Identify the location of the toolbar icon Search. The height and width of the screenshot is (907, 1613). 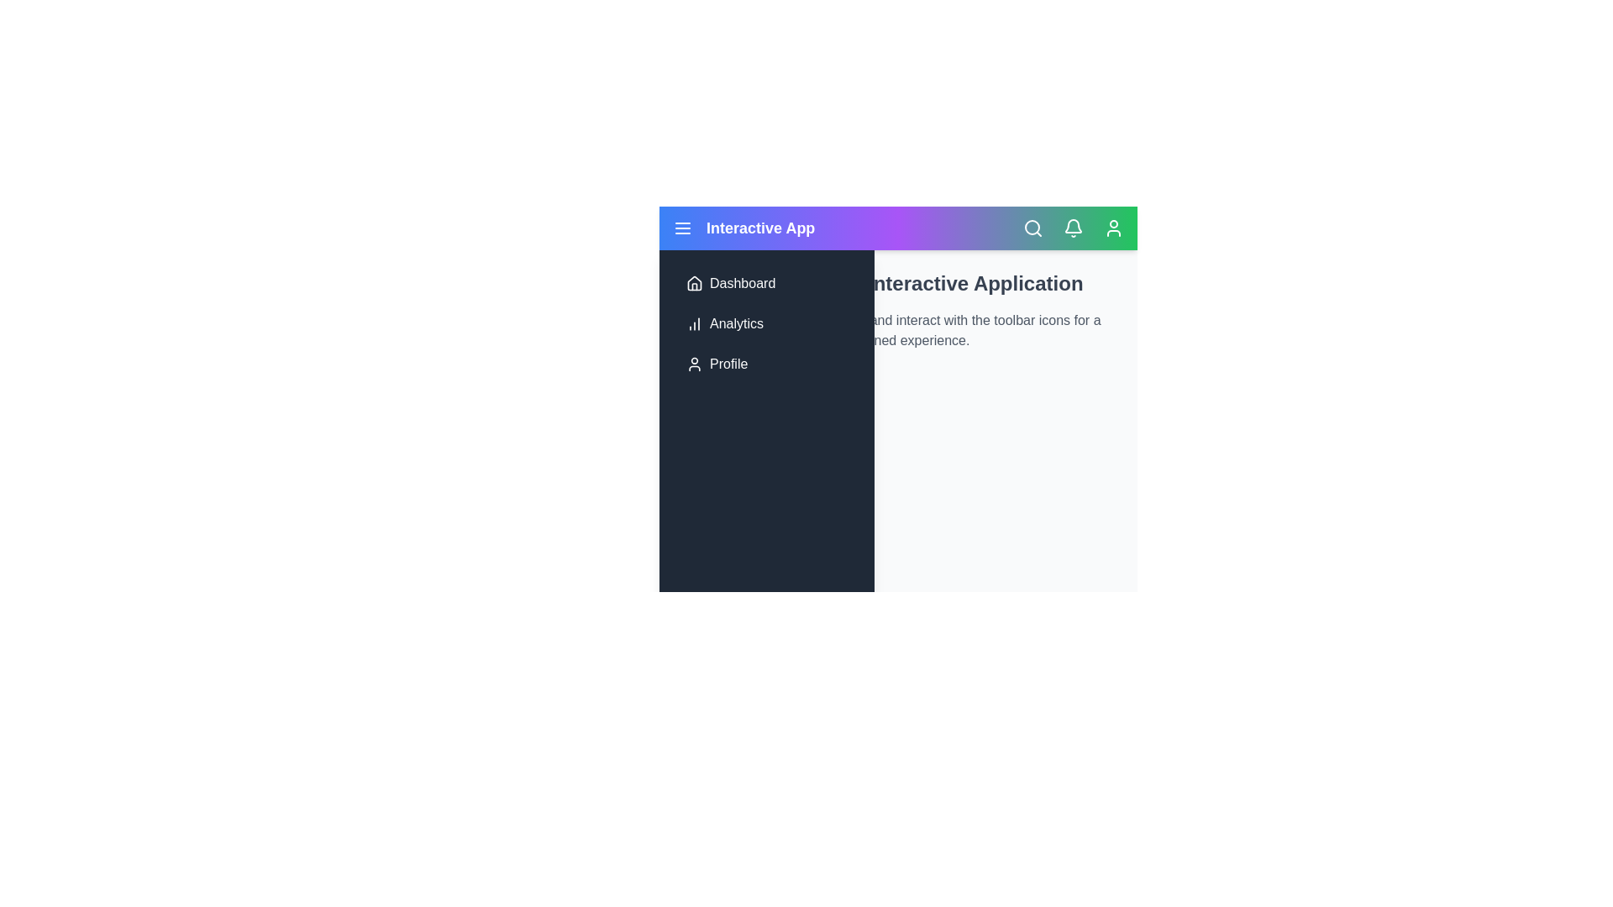
(1032, 228).